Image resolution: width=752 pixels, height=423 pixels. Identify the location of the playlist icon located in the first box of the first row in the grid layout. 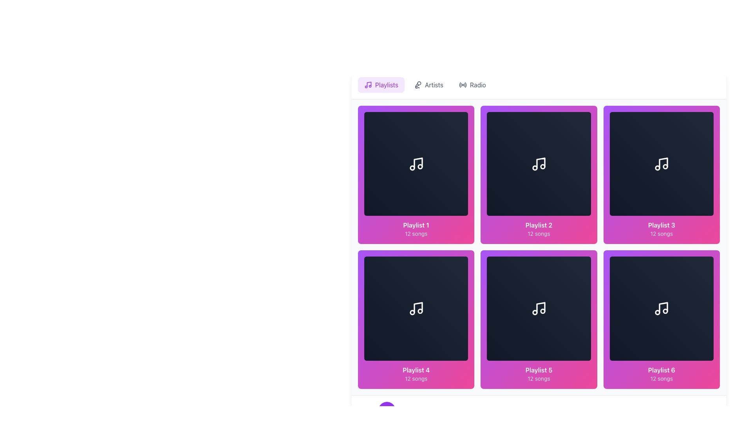
(416, 163).